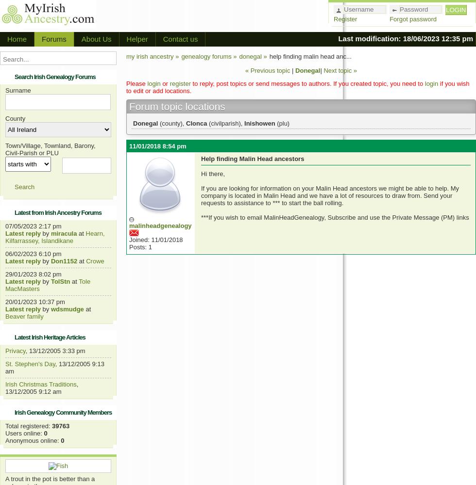  Describe the element at coordinates (33, 254) in the screenshot. I see `'06/02/2023 6:10 pm'` at that location.